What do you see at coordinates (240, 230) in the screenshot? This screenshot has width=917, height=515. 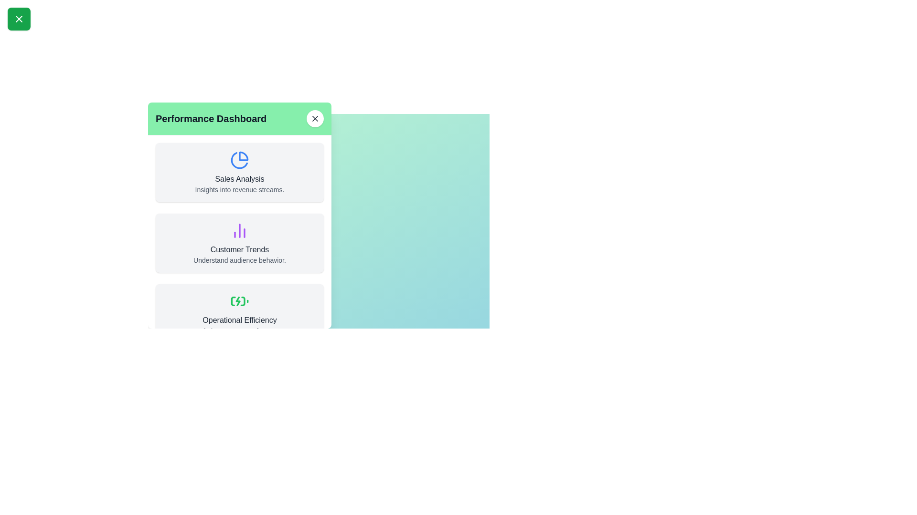 I see `column chart icon consisting of three purple vertical bars located in the 'Customer Trends' section of the 'Performance Dashboard' interface, positioned above the text 'Customer Trends'` at bounding box center [240, 230].